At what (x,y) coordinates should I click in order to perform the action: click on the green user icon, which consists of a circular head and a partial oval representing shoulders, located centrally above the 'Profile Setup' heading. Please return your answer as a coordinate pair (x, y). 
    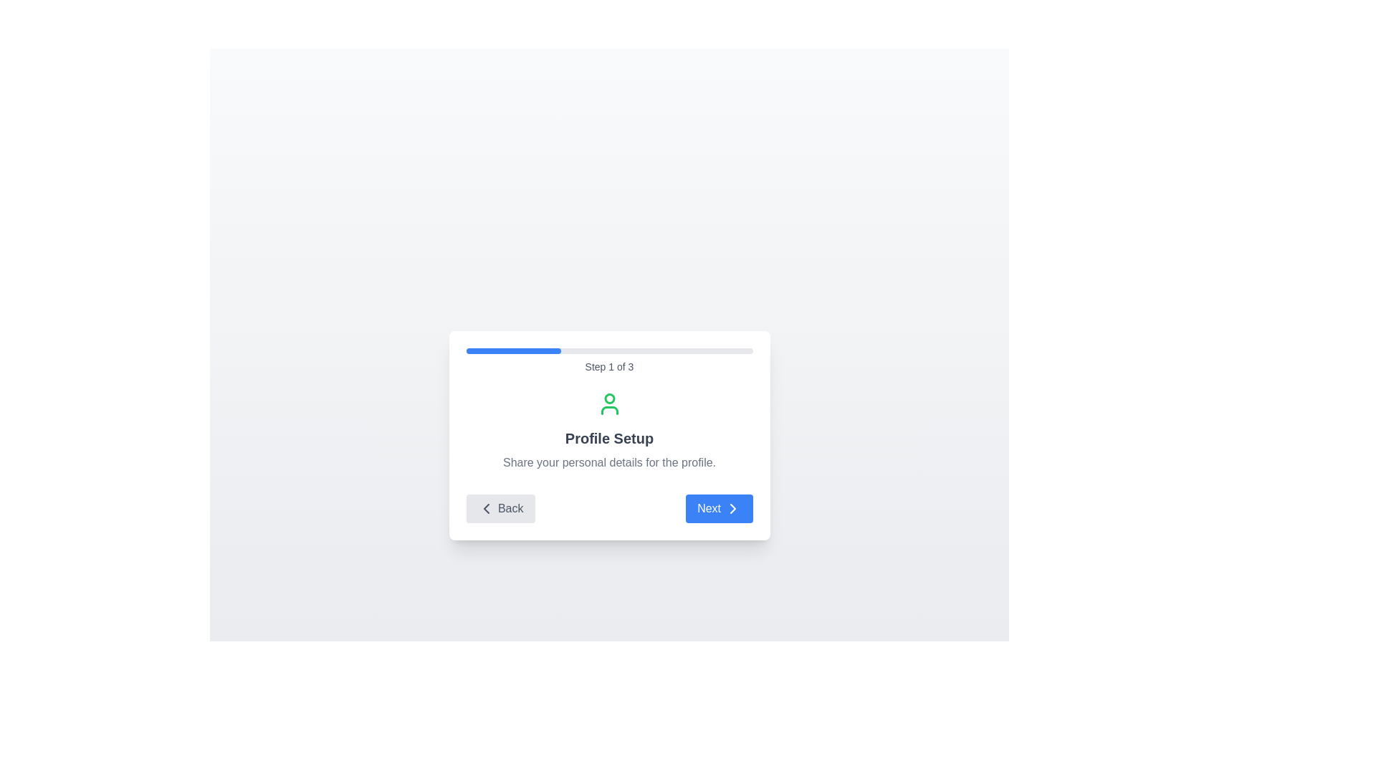
    Looking at the image, I should click on (609, 403).